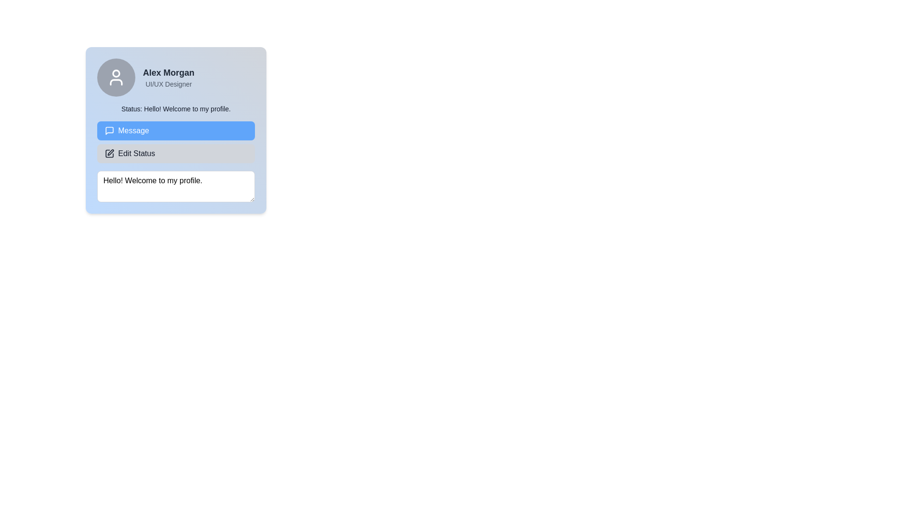  Describe the element at coordinates (116, 77) in the screenshot. I see `the circular profile image placeholder with a gray background and white user icon located at the top-left corner of the user card, above the text 'Alex Morgan' and 'UI/UX Designer'` at that location.